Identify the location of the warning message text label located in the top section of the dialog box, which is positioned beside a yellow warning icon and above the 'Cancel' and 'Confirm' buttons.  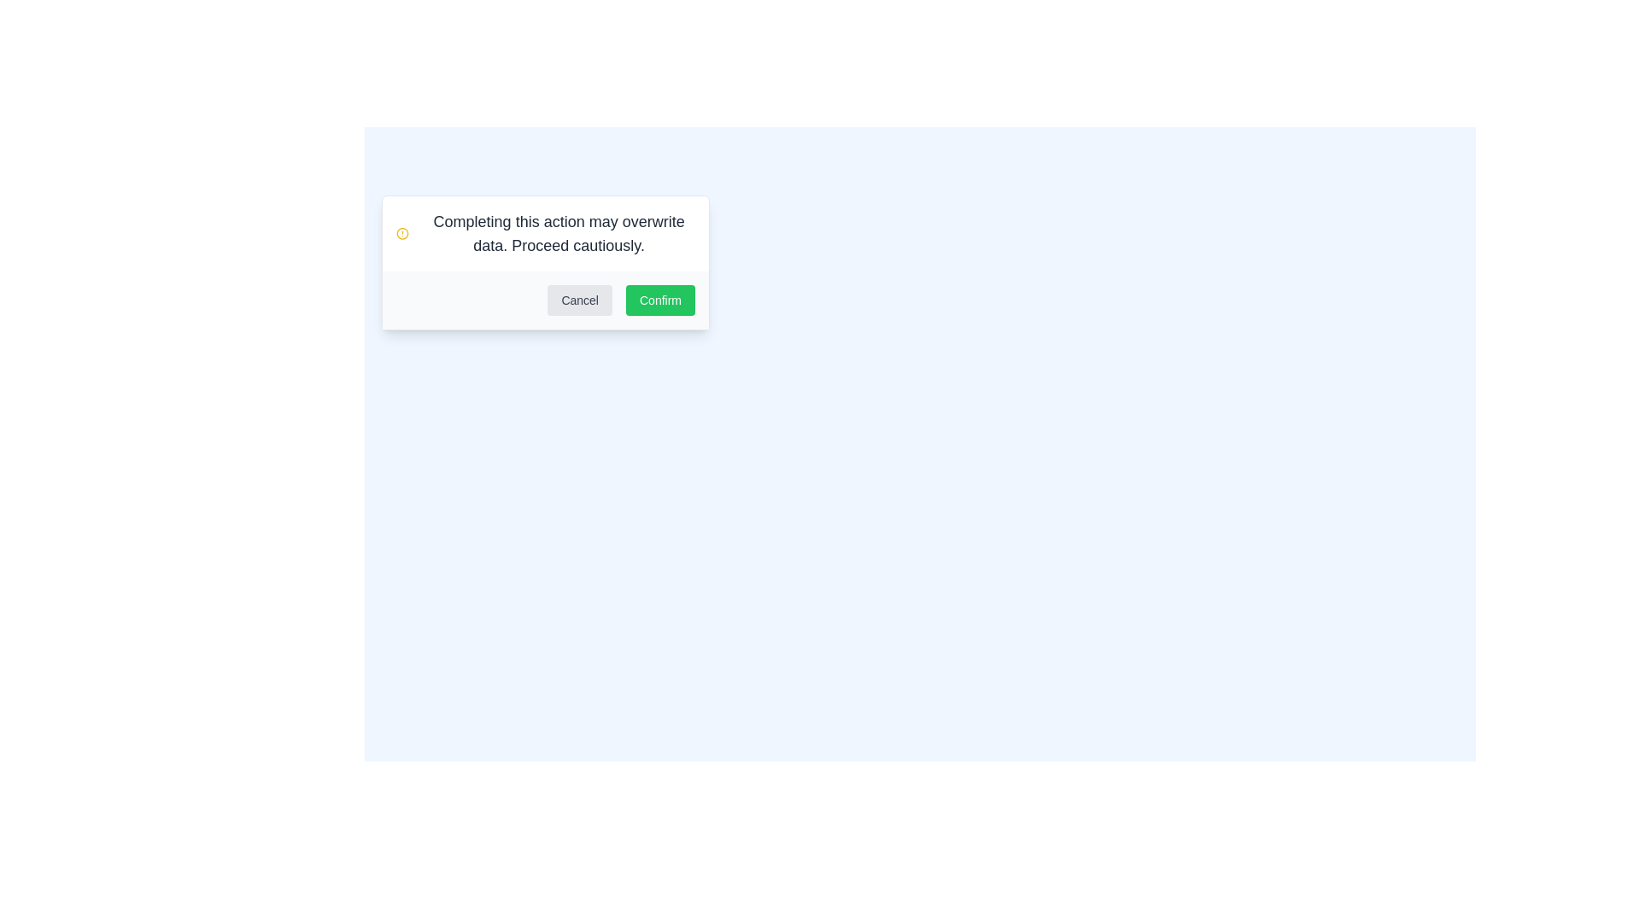
(559, 233).